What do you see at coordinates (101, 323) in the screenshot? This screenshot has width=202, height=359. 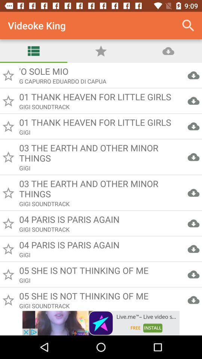 I see `click on advertisement` at bounding box center [101, 323].